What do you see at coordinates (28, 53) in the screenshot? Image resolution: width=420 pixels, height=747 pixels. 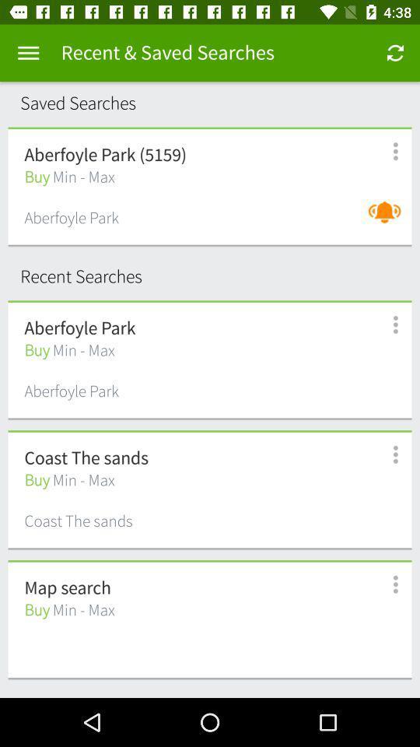 I see `the icon to the left of recent & saved searches app` at bounding box center [28, 53].